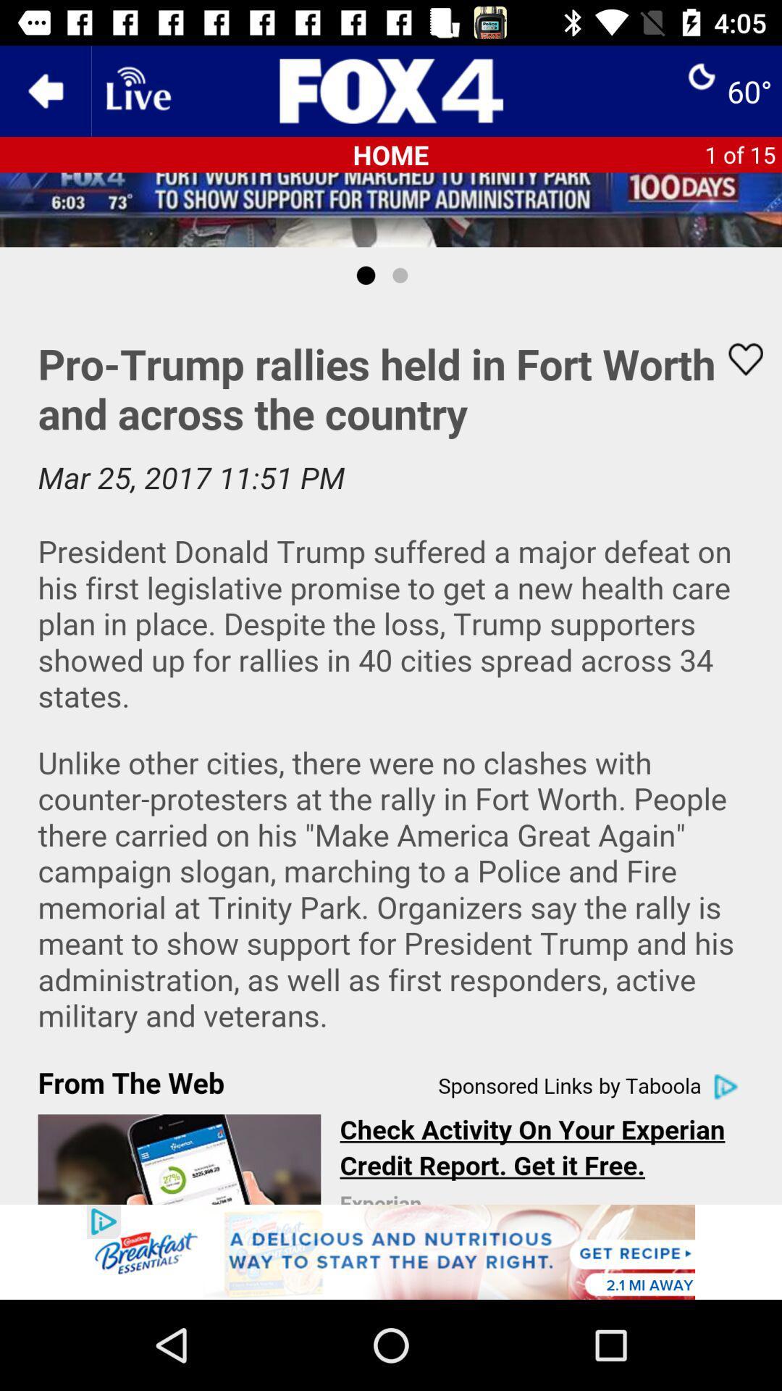 This screenshot has width=782, height=1391. I want to click on home, so click(391, 90).